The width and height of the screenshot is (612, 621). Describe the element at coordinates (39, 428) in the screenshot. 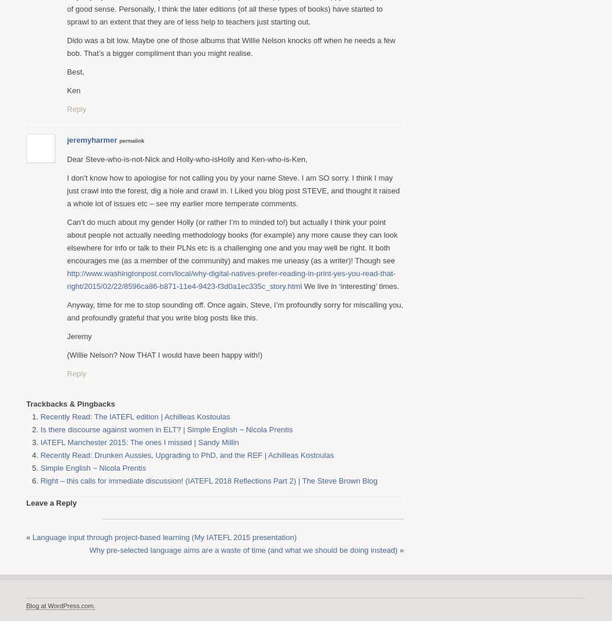

I see `'Is there discourse against women in ELT? | Simple English ~ Nicola Prentis'` at that location.